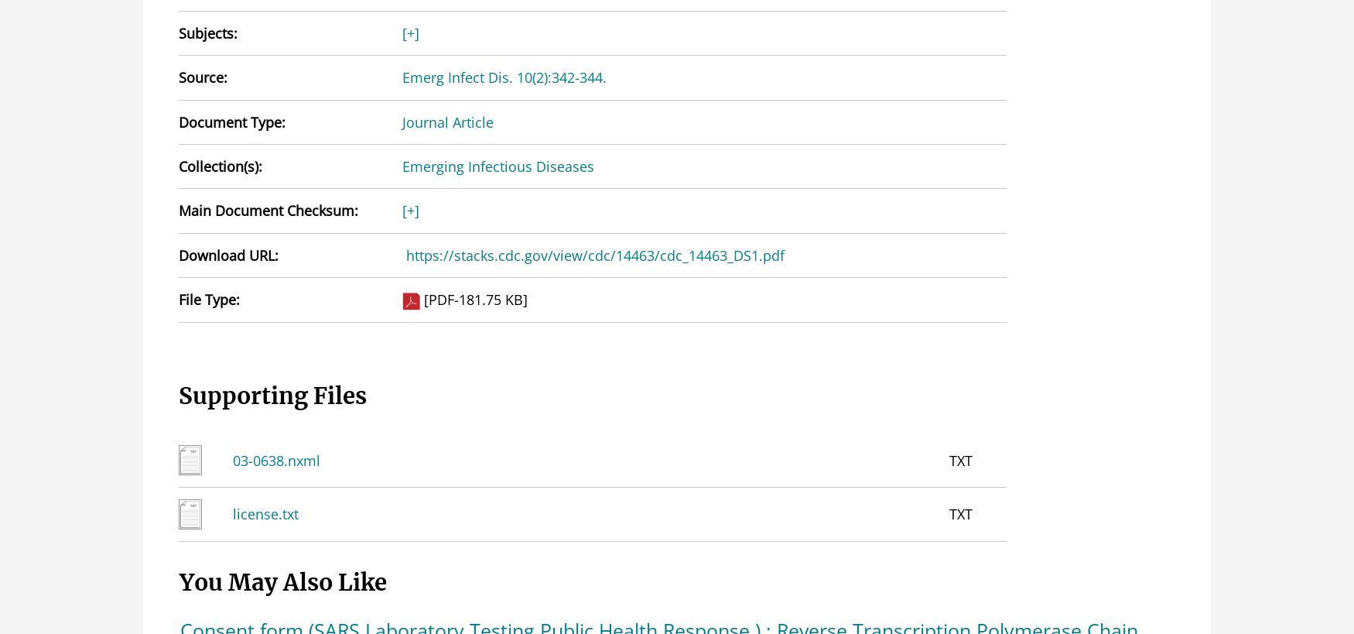 The height and width of the screenshot is (634, 1354). I want to click on 'Collection(s):', so click(220, 166).